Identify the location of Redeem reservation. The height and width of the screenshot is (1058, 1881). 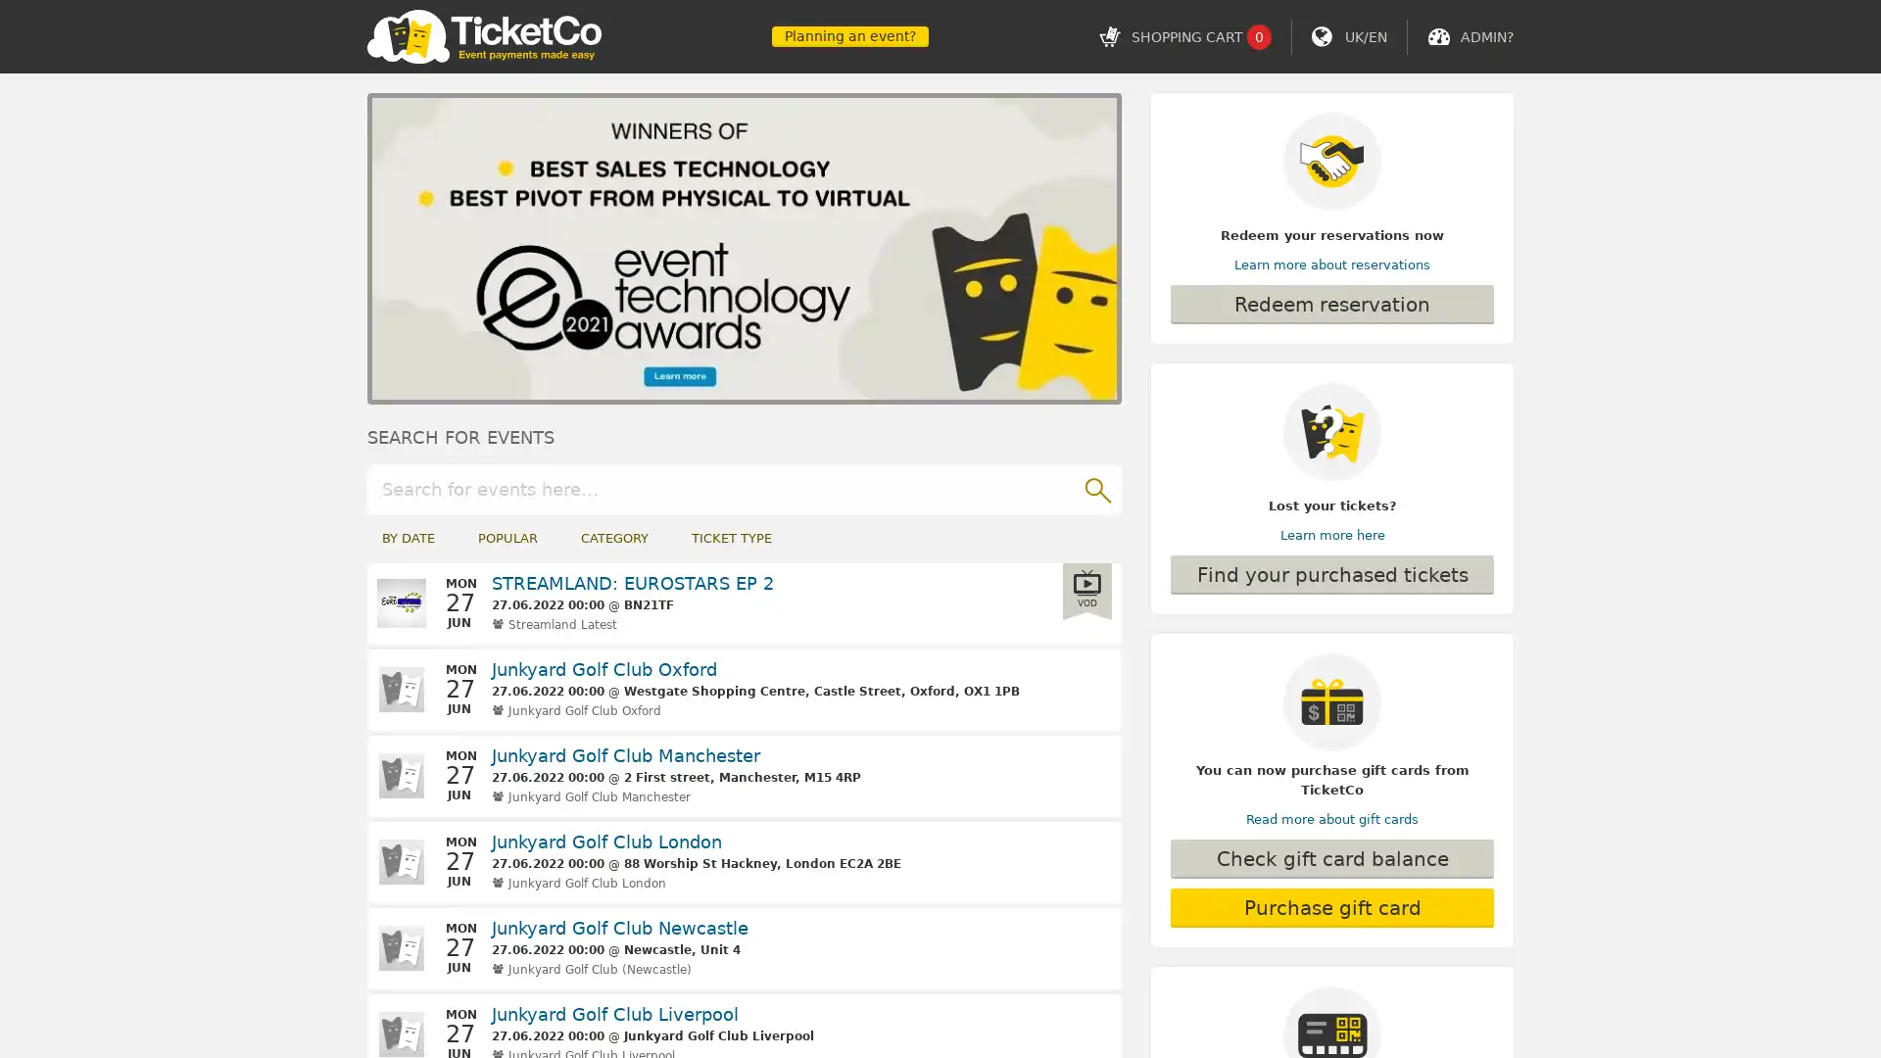
(1331, 305).